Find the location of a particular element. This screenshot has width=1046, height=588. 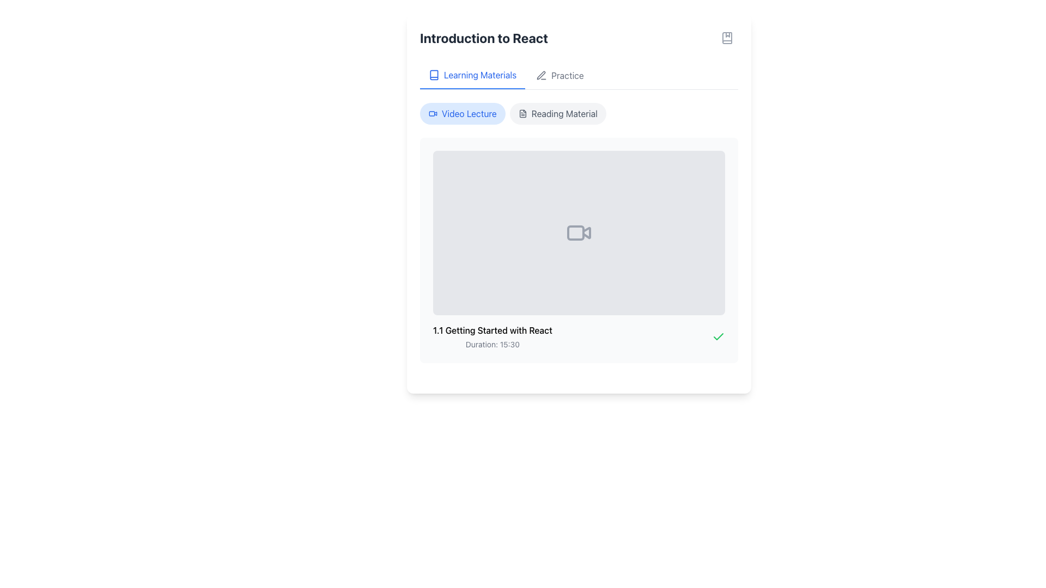

the SVG-based video camera icon, which is centrally located within a gray rectangle and represents an inactive or disabled state is located at coordinates (578, 232).